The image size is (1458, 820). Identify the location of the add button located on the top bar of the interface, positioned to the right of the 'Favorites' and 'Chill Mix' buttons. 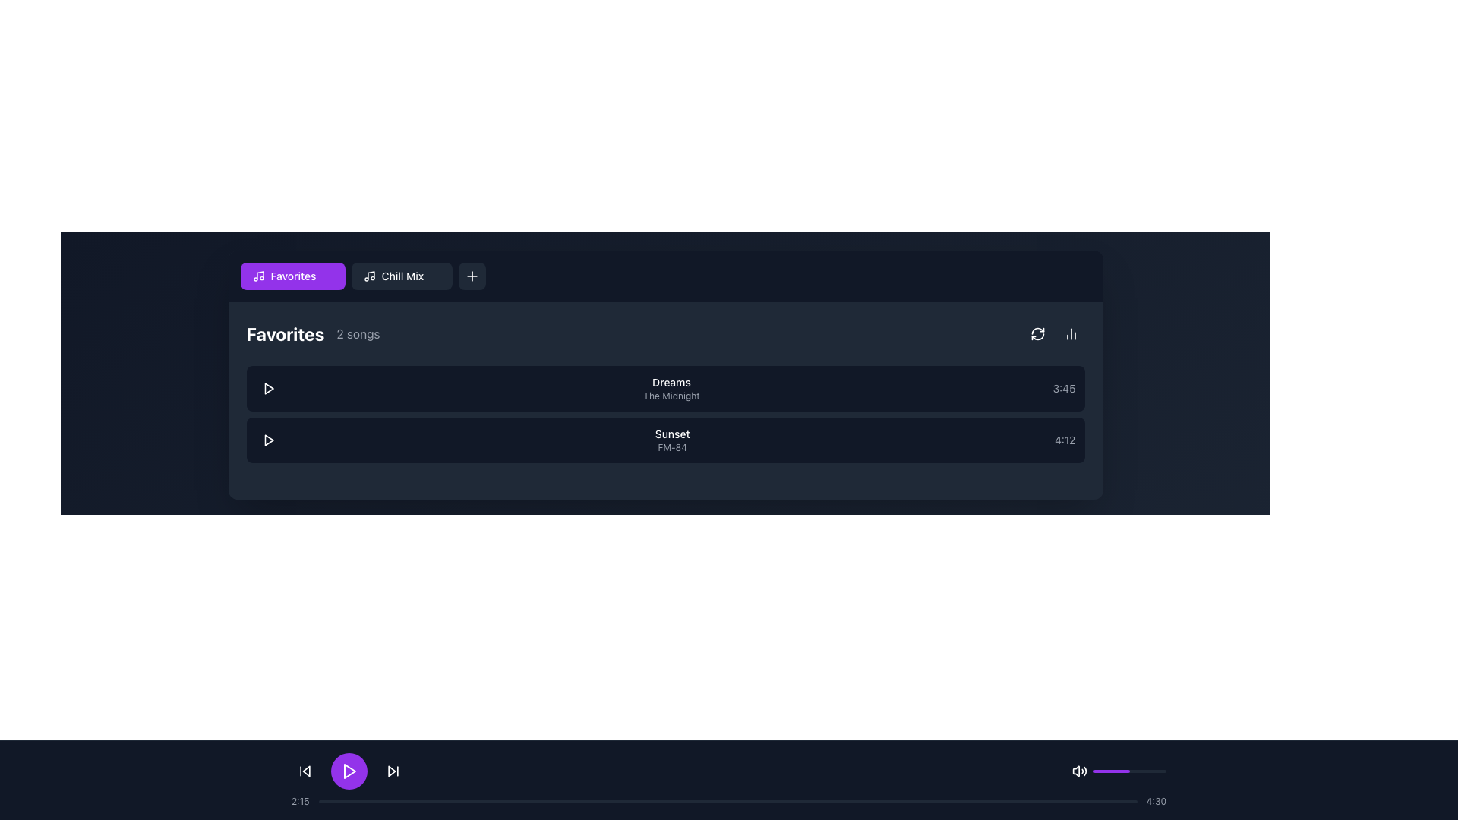
(472, 276).